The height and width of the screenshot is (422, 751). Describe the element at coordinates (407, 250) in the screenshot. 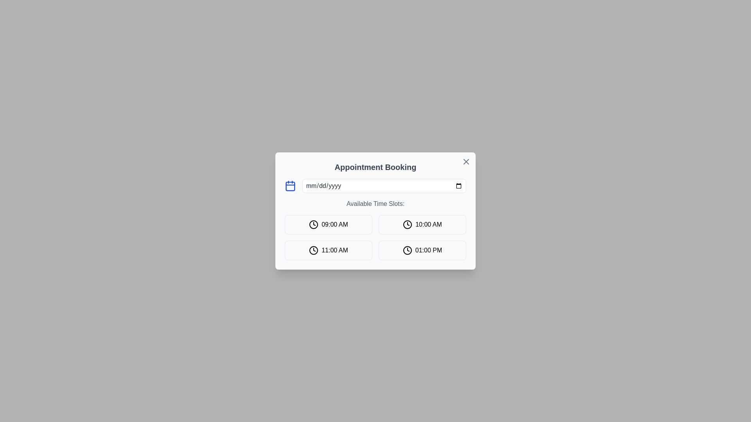

I see `the circular outline of the clock symbol located next to the '01:00 PM' time slot in the bottom-right quadrant of the 'Appointment Booking' dialog box` at that location.